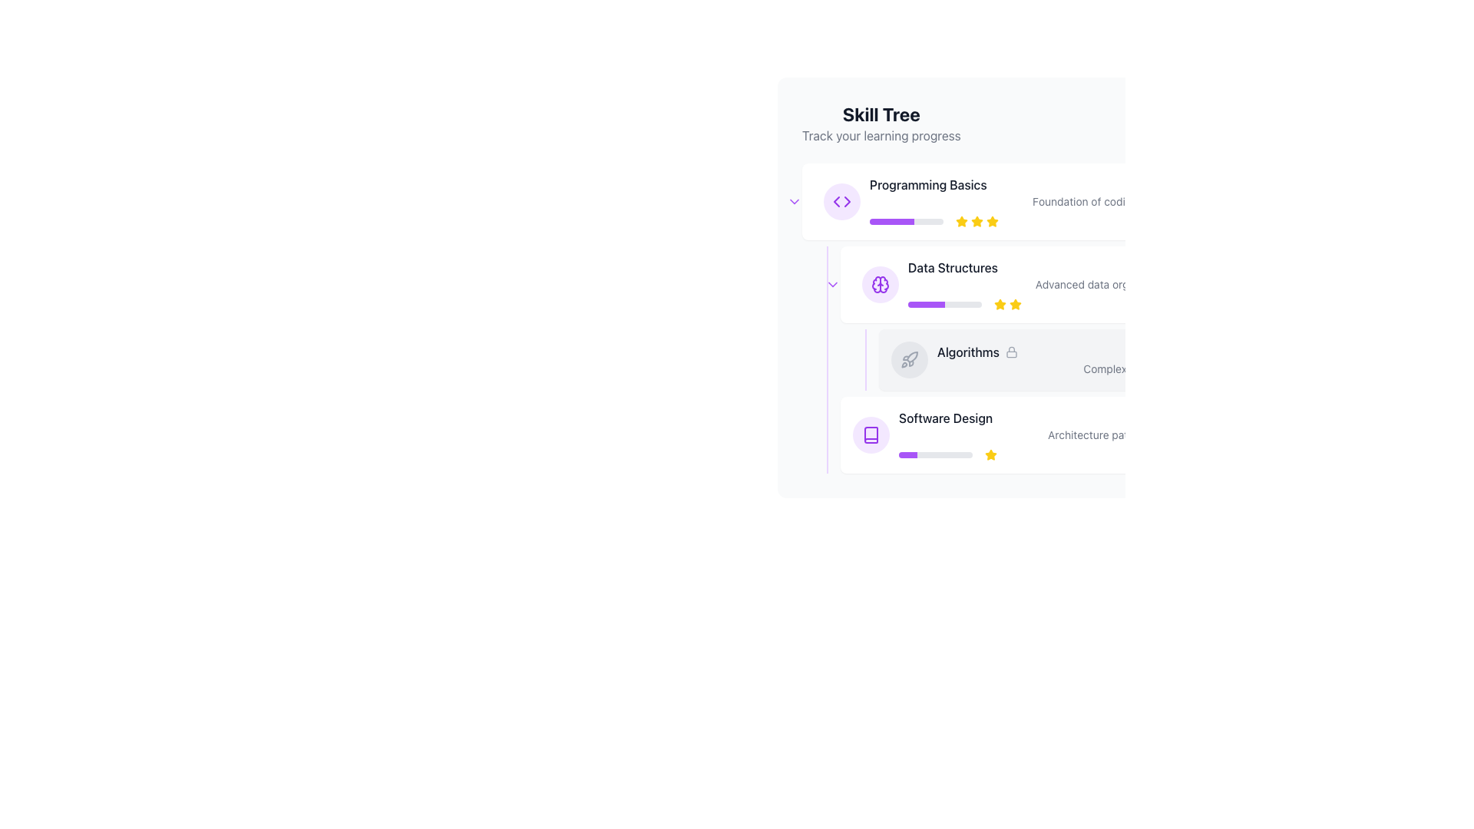  I want to click on the progress bar with a yellow star indicator located at the bottom of the 'Software Design' module to interpret the current progress, so click(1099, 454).